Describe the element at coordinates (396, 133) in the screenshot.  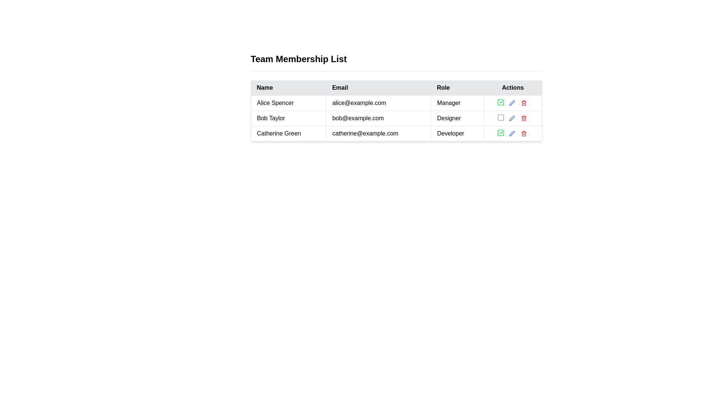
I see `the third row in the 'Team Membership List' table containing the entry for 'Catherine Green'` at that location.